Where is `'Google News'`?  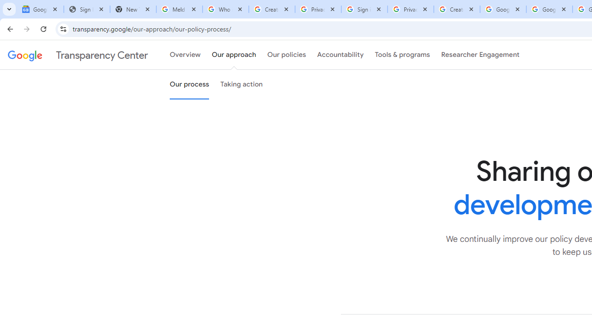 'Google News' is located at coordinates (40, 9).